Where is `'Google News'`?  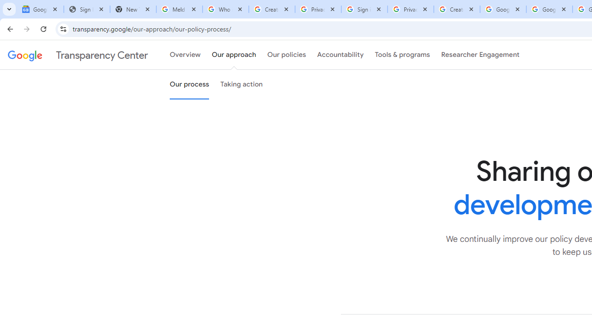 'Google News' is located at coordinates (40, 9).